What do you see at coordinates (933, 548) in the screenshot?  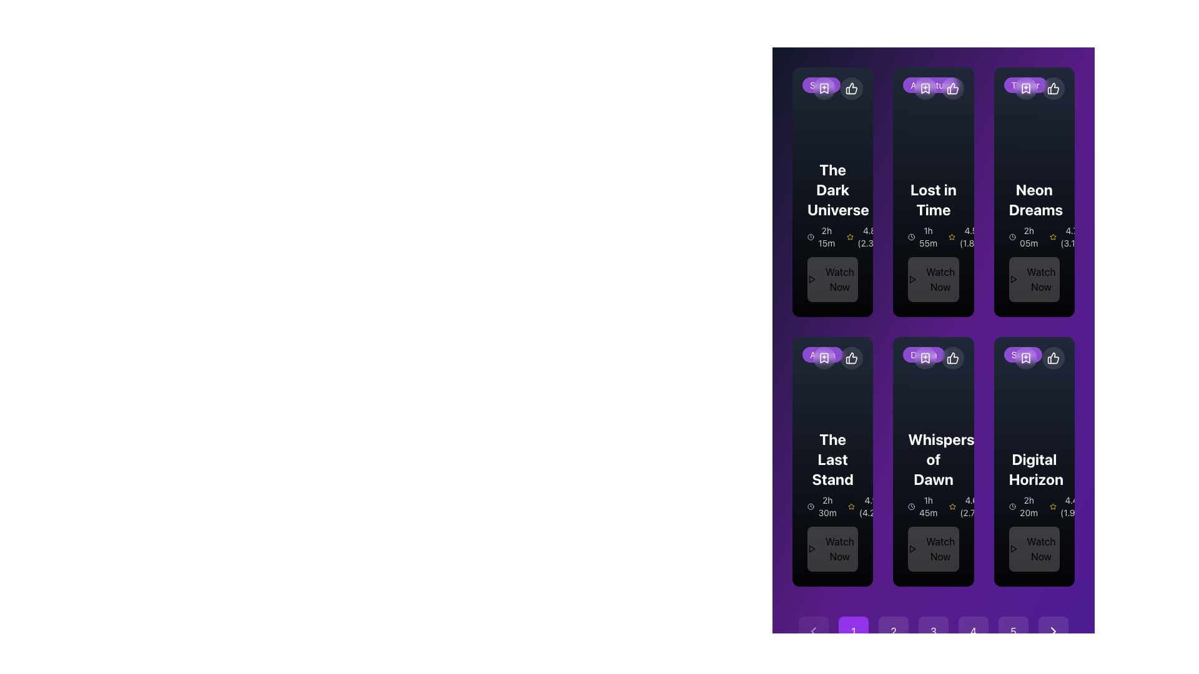 I see `the 'Watch Now' button with a play icon, located at the bottom center of the card labeled 'Whispers of Dawn'` at bounding box center [933, 548].